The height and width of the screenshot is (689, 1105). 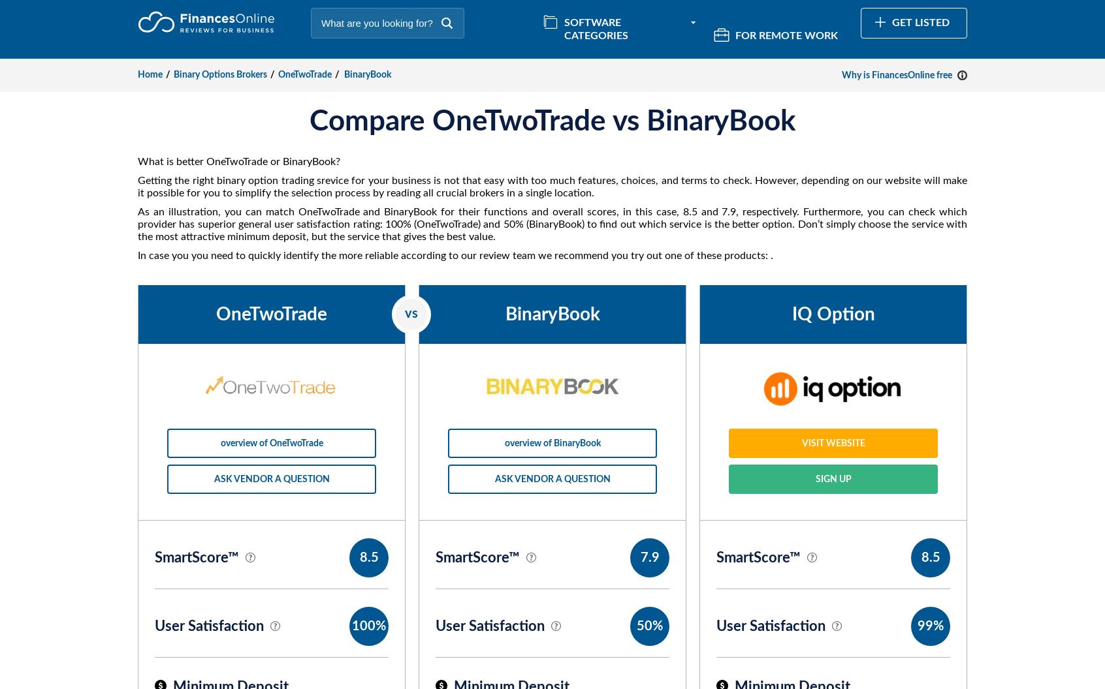 I want to click on '7.9', so click(x=649, y=558).